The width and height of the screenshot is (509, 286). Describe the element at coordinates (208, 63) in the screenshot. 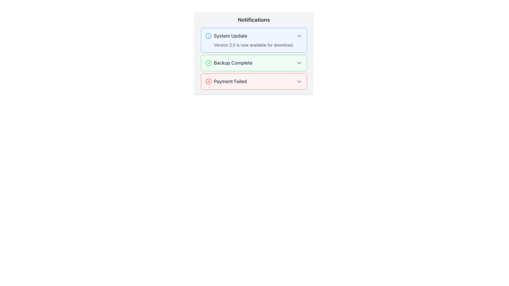

I see `associated label next to the outlined green checkmark icon in the 'Backup Complete' section of the notification interface` at that location.